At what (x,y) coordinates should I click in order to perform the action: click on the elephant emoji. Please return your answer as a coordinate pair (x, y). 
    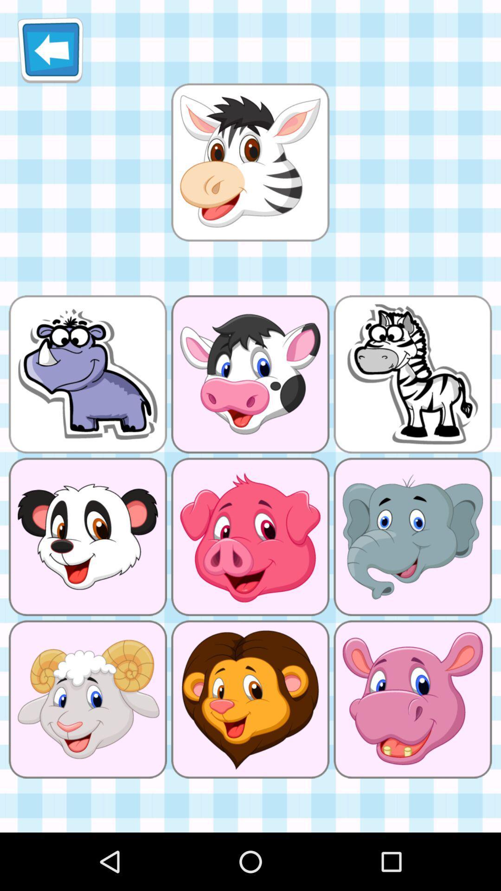
    Looking at the image, I should click on (412, 536).